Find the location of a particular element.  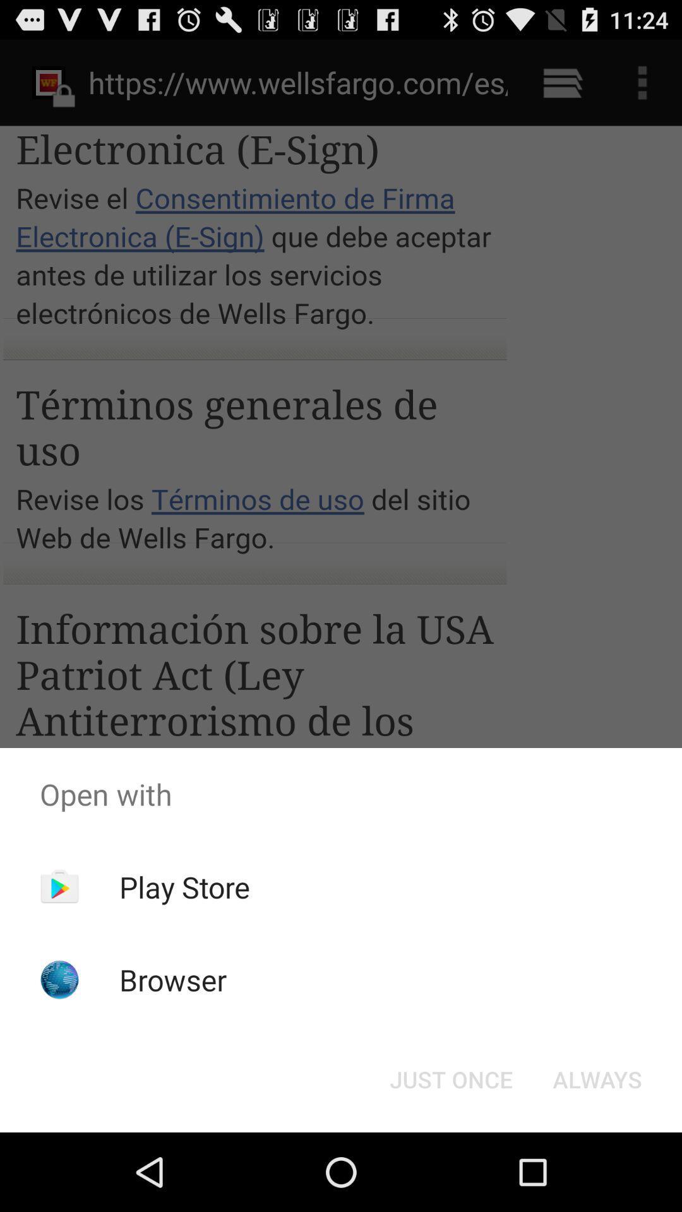

the icon at the bottom is located at coordinates (450, 1078).